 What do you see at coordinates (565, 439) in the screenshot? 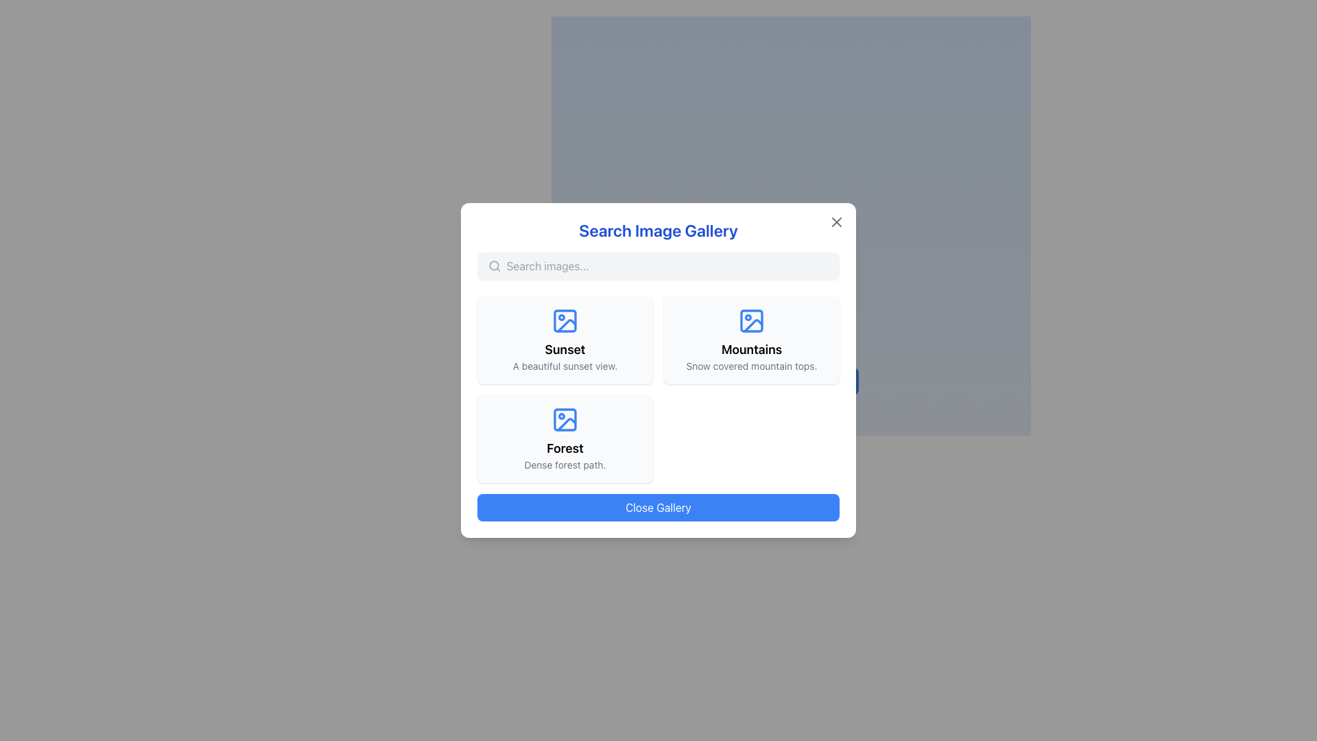
I see `the third item card in the grid layout under the Search Image Gallery section` at bounding box center [565, 439].